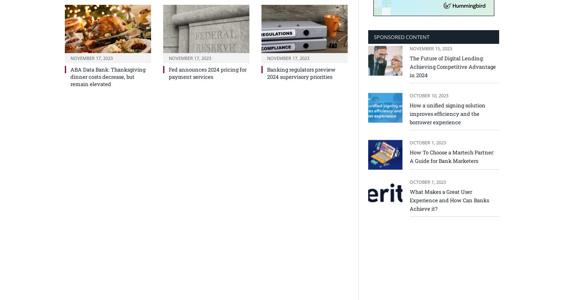 The image size is (564, 300). What do you see at coordinates (207, 72) in the screenshot?
I see `'Fed announces 2024 pricing for payment services'` at bounding box center [207, 72].